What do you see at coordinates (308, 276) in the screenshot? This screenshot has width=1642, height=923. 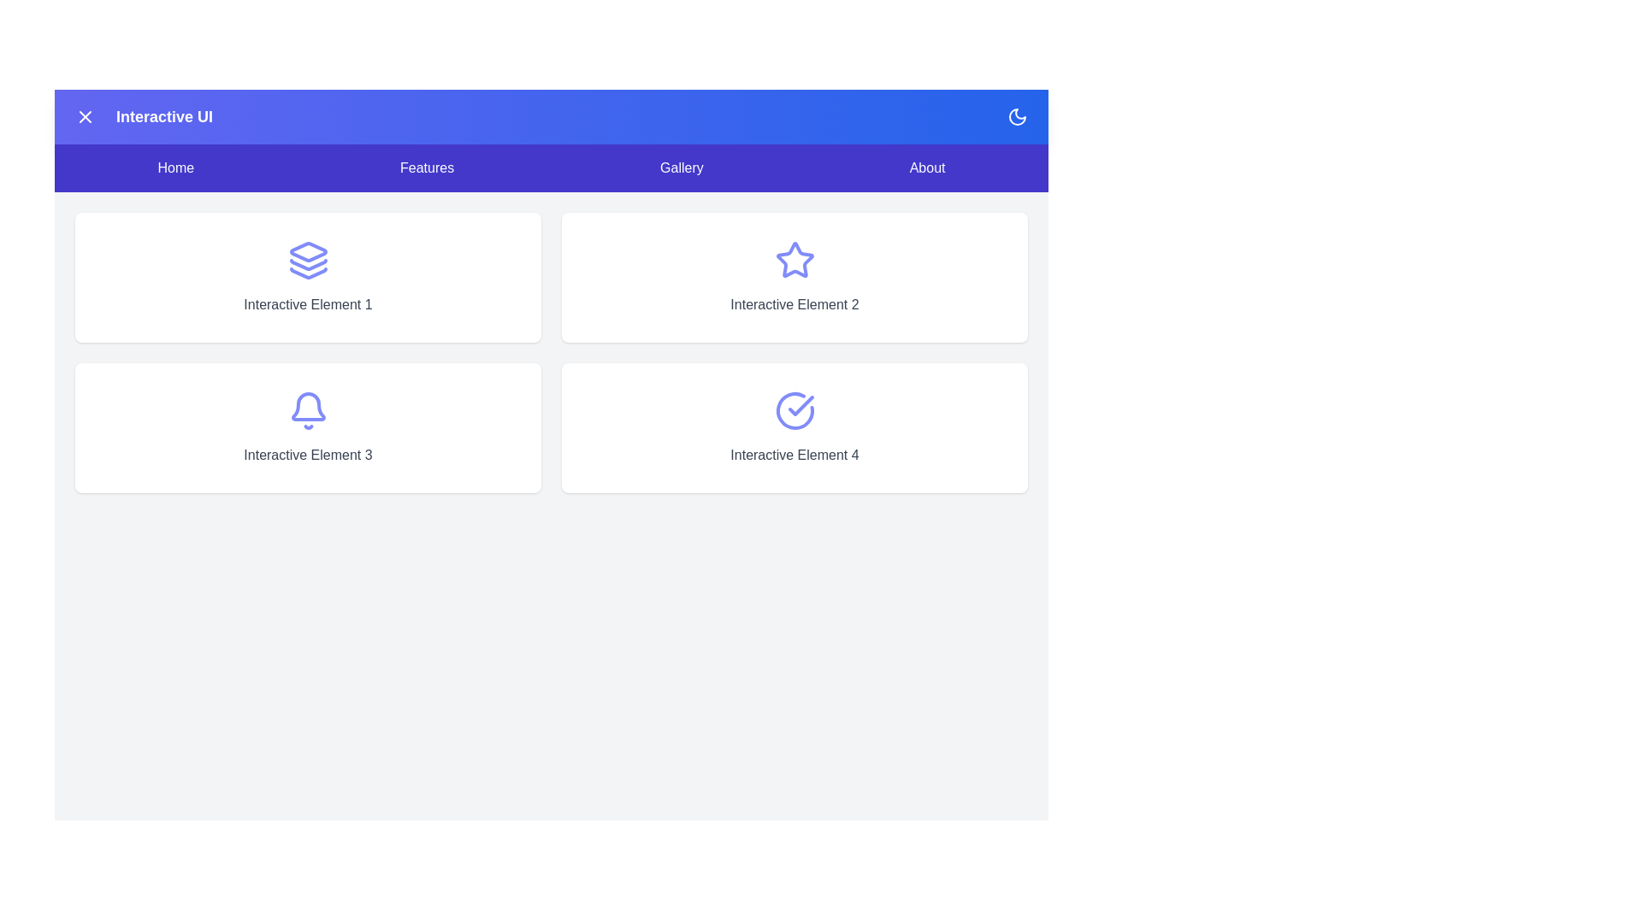 I see `the interactive element card labeled Interactive Element 1` at bounding box center [308, 276].